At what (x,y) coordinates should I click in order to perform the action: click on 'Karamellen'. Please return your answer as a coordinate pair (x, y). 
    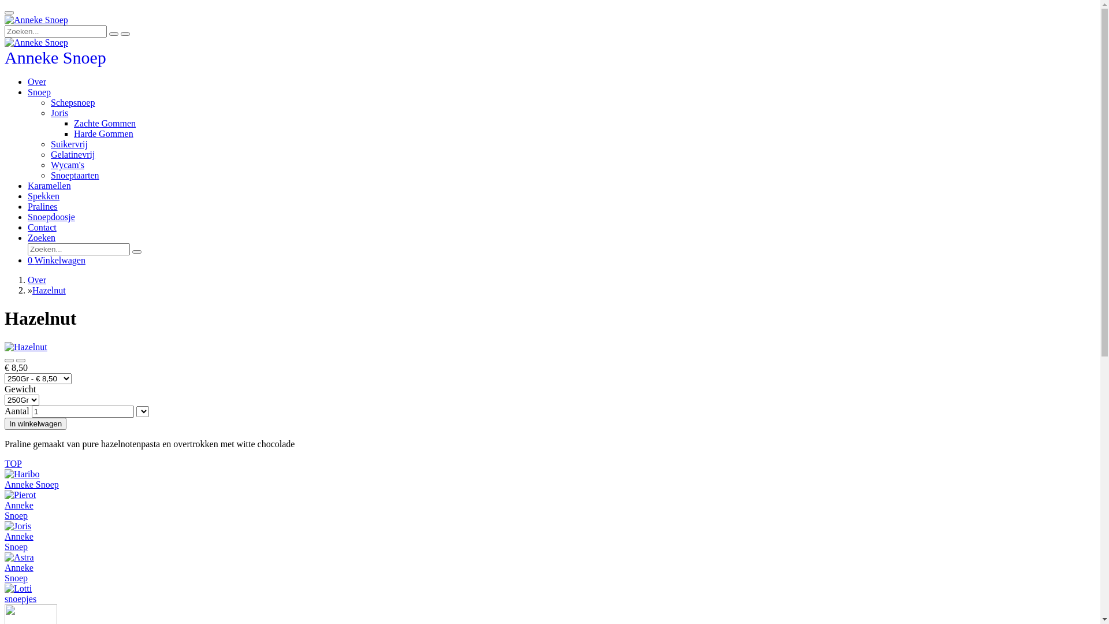
    Looking at the image, I should click on (49, 185).